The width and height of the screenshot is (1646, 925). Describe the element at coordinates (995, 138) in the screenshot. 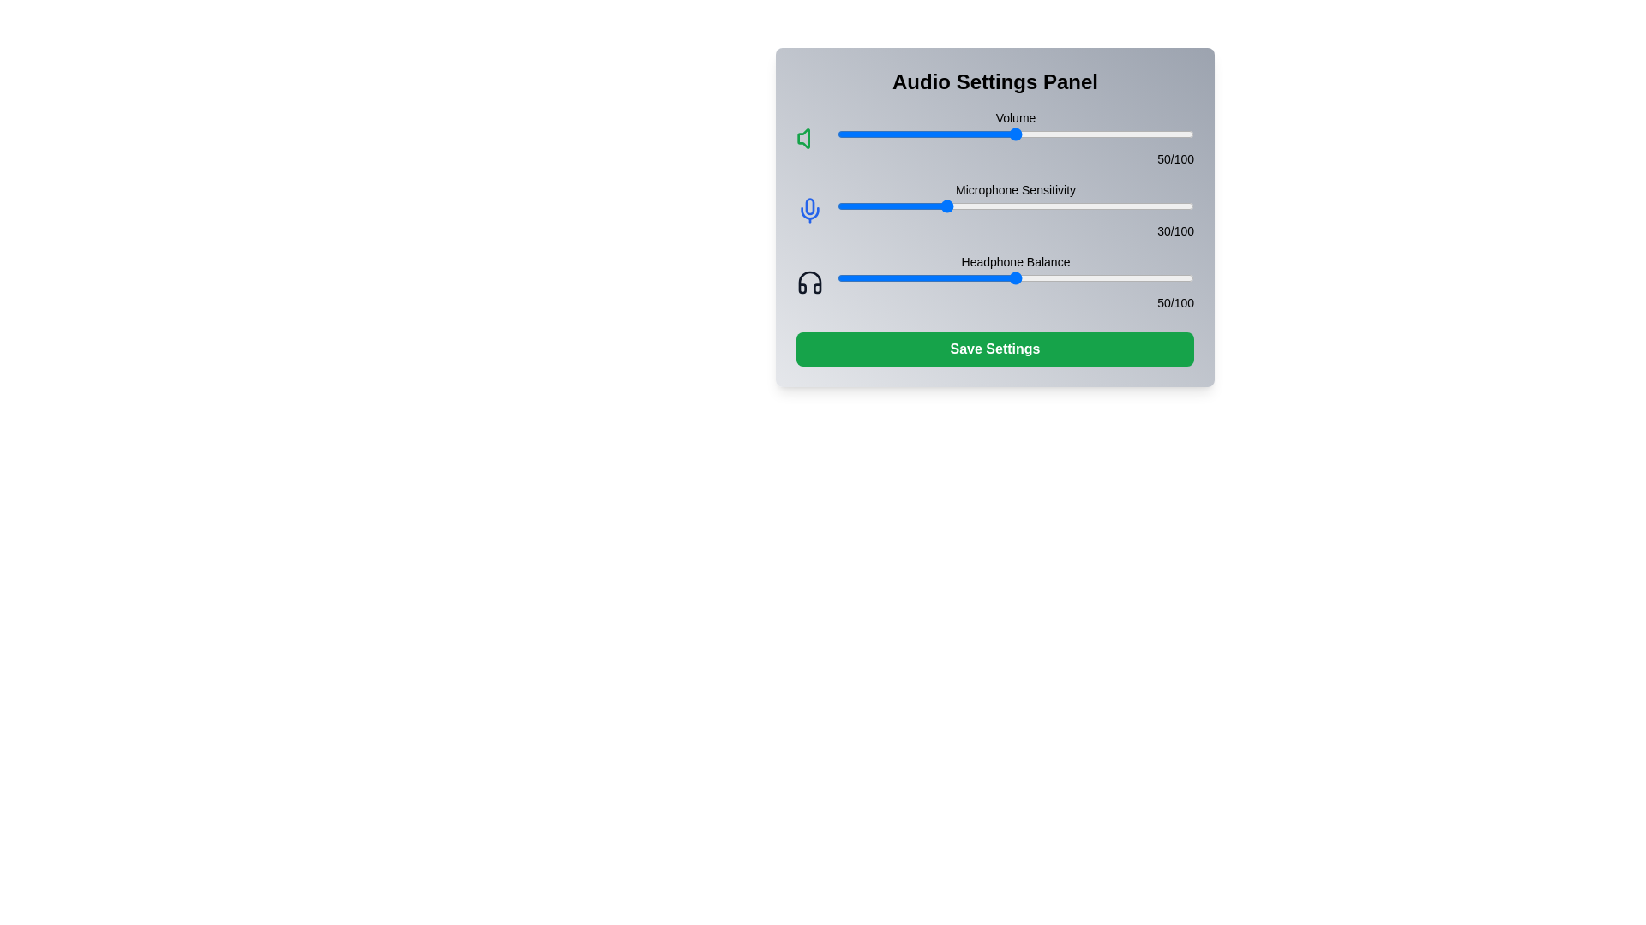

I see `the blue slider bar of the audio volume control section, which features a green speaker icon on the left and a numerical representation of the volume level '50/100' on the right` at that location.